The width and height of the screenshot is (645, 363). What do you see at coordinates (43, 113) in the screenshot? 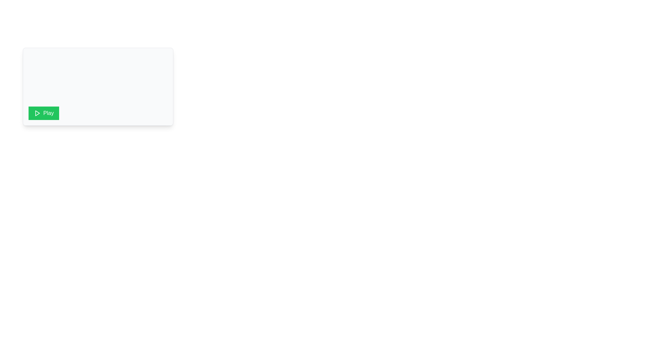
I see `the vibrant green 'Play' button with a white triangular icon` at bounding box center [43, 113].